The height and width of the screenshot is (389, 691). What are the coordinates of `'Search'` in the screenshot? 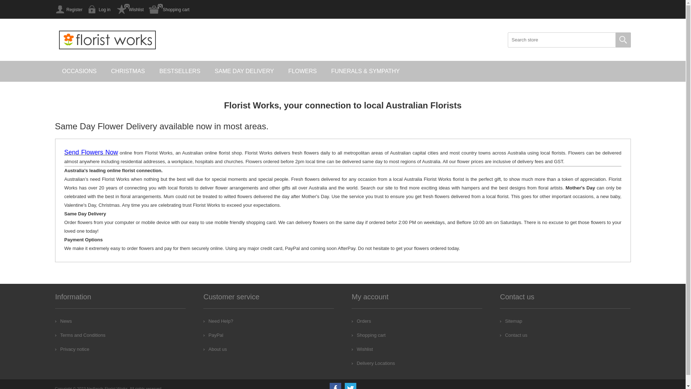 It's located at (623, 40).